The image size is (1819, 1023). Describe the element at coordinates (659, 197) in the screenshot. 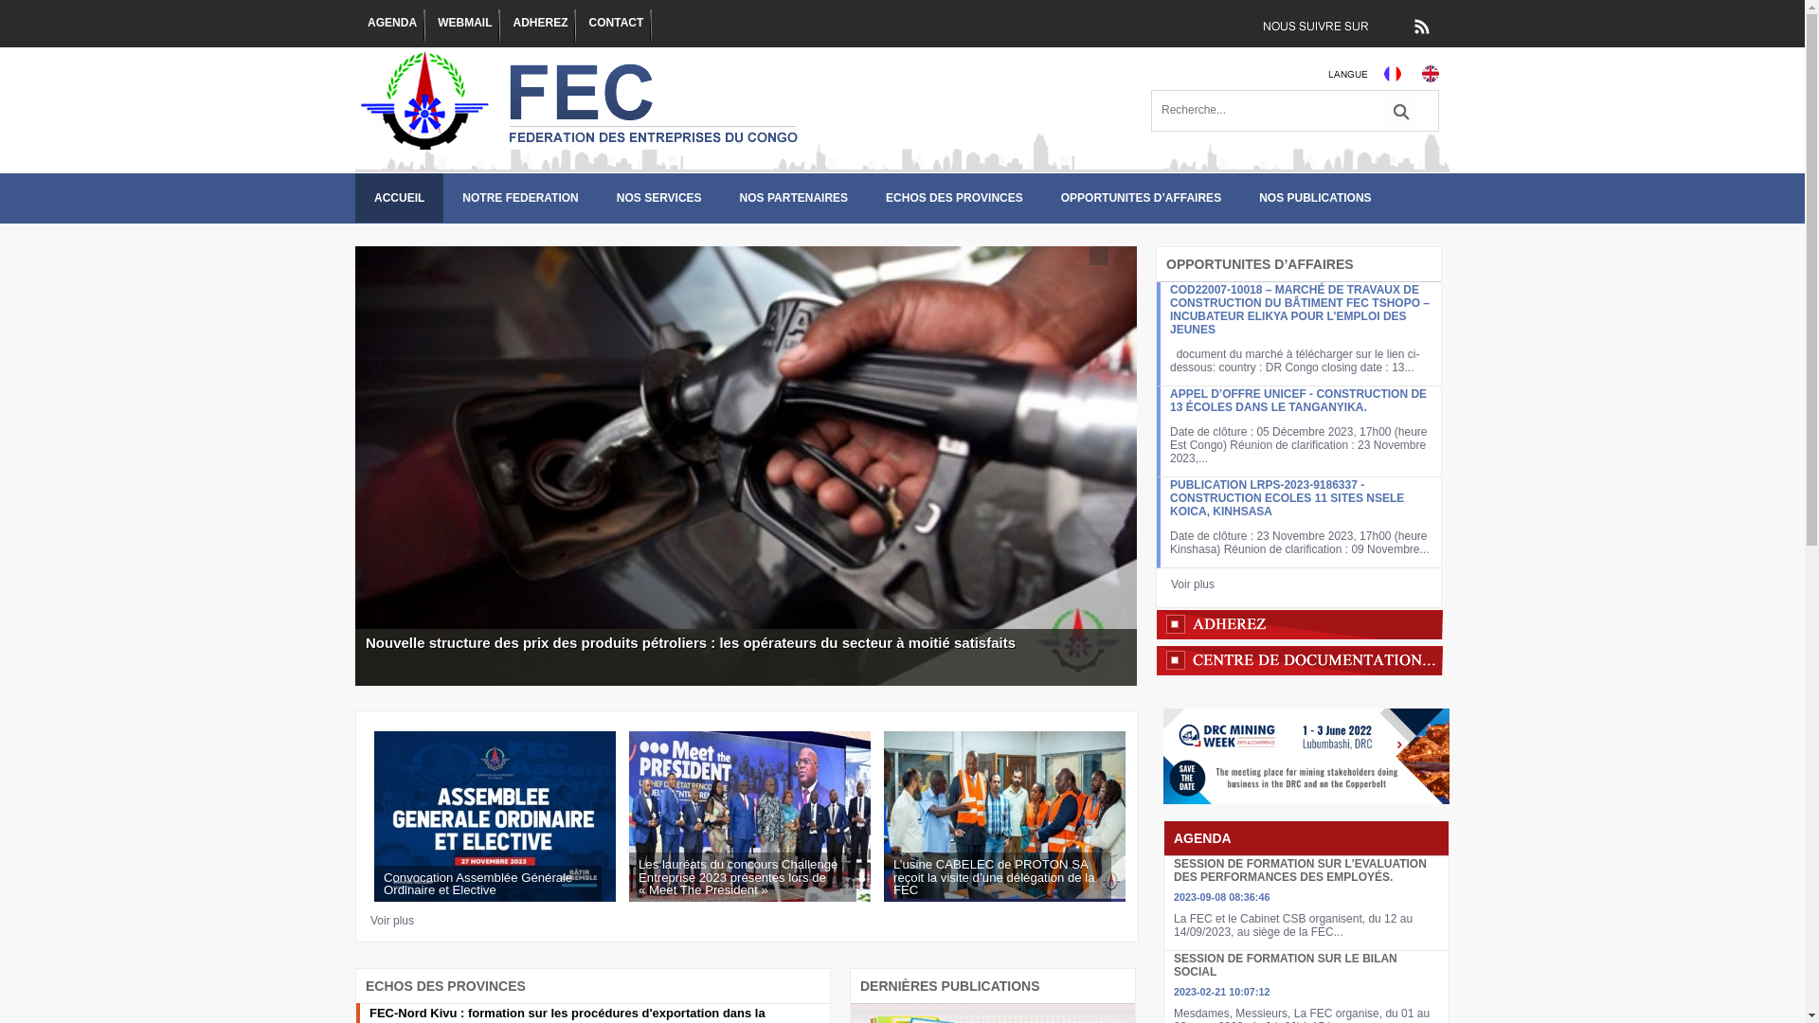

I see `'NOS SERVICES'` at that location.